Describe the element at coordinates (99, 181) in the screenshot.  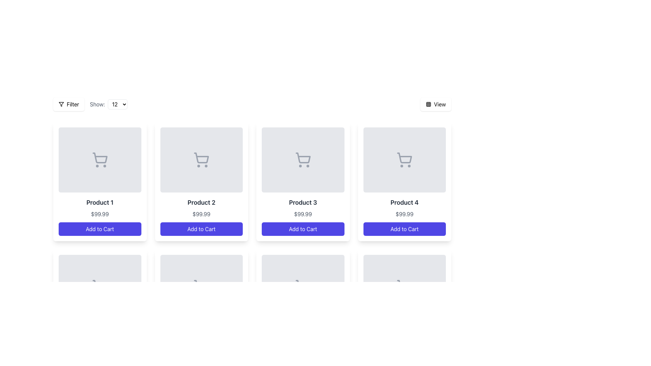
I see `the first product card in the e-commerce interface` at that location.